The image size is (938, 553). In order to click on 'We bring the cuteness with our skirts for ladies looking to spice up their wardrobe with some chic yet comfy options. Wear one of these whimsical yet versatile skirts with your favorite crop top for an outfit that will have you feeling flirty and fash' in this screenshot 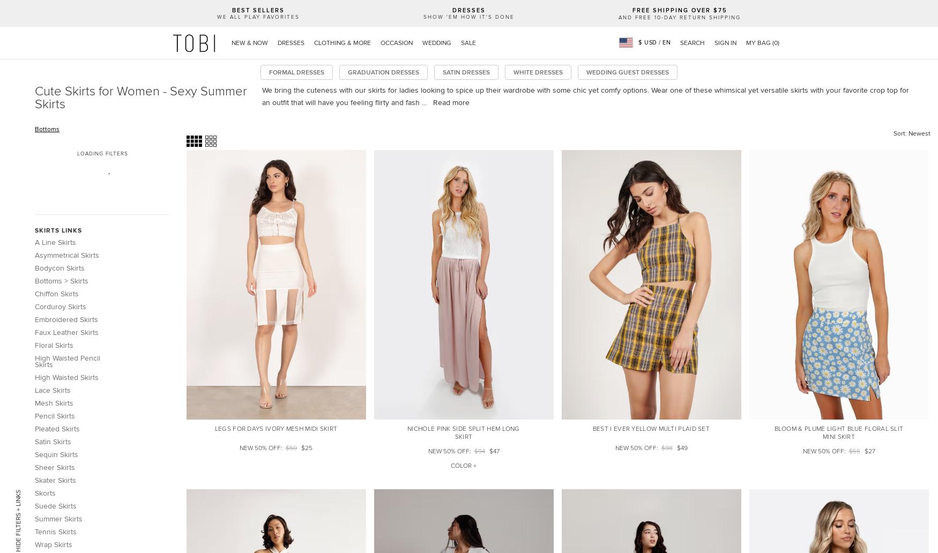, I will do `click(585, 95)`.